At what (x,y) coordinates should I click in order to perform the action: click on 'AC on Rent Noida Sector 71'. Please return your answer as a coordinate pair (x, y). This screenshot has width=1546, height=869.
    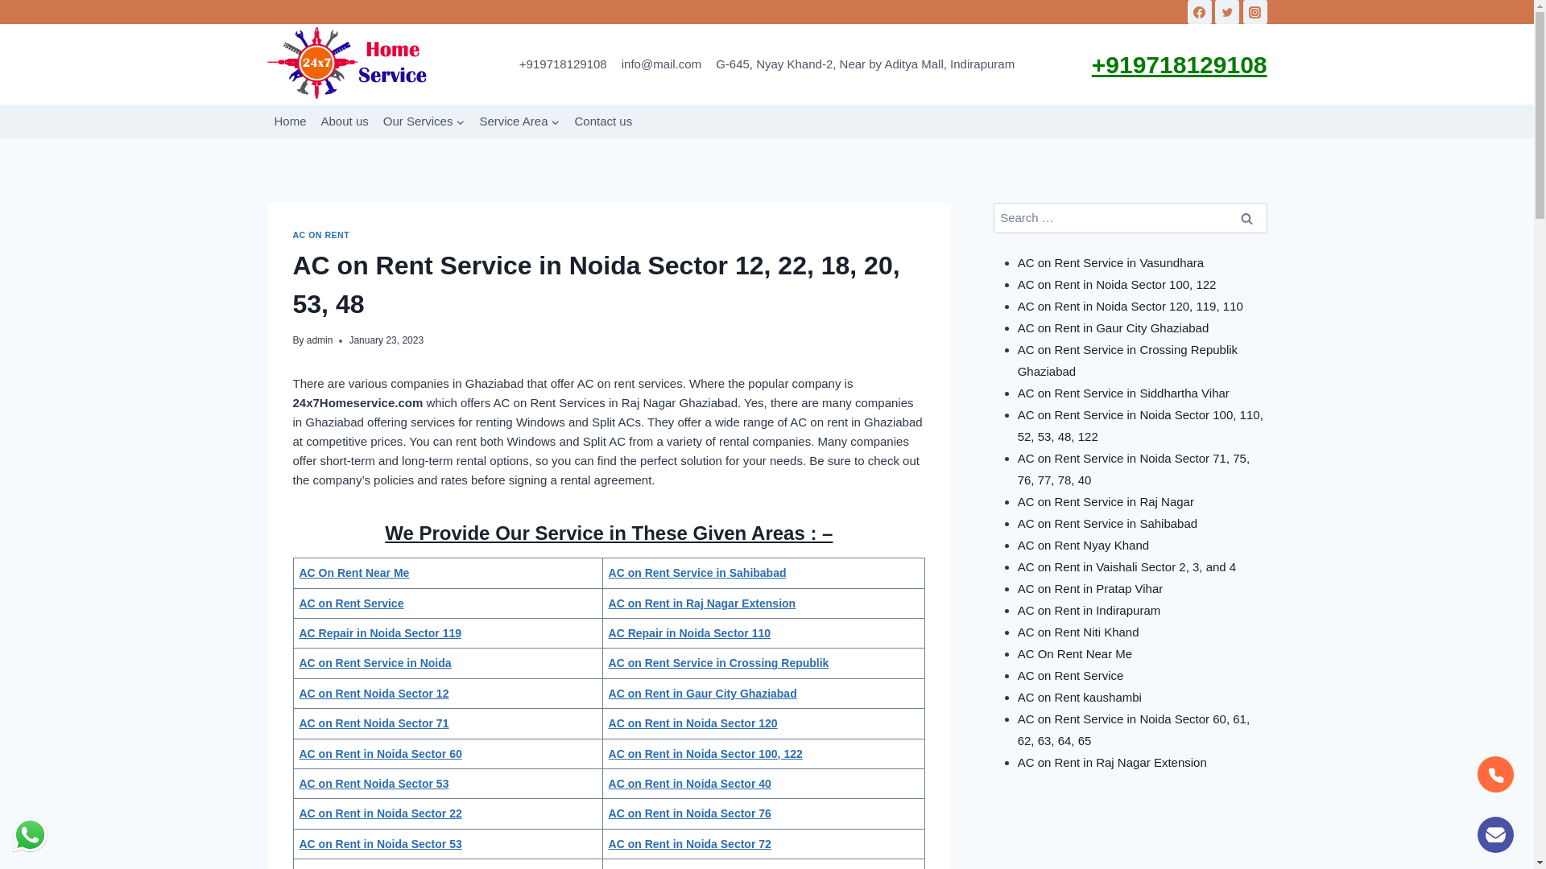
    Looking at the image, I should click on (374, 722).